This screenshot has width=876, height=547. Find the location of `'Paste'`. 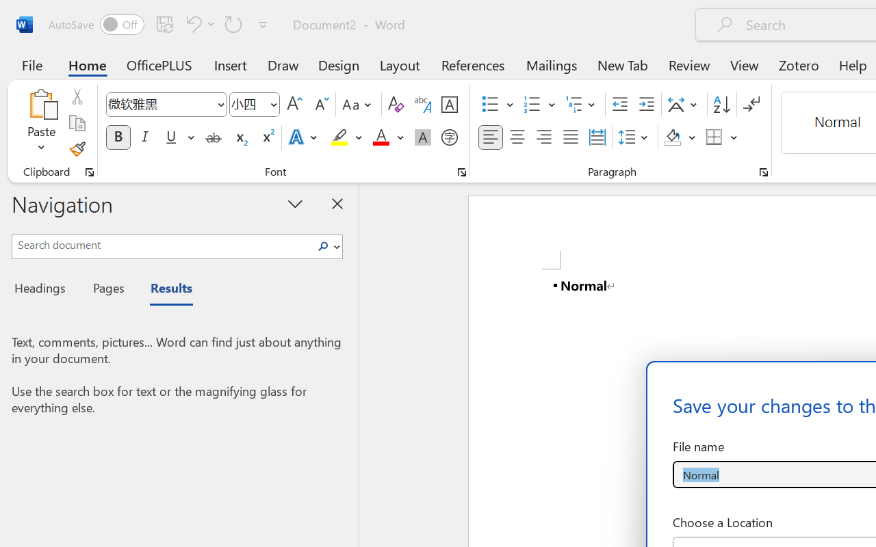

'Paste' is located at coordinates (41, 122).